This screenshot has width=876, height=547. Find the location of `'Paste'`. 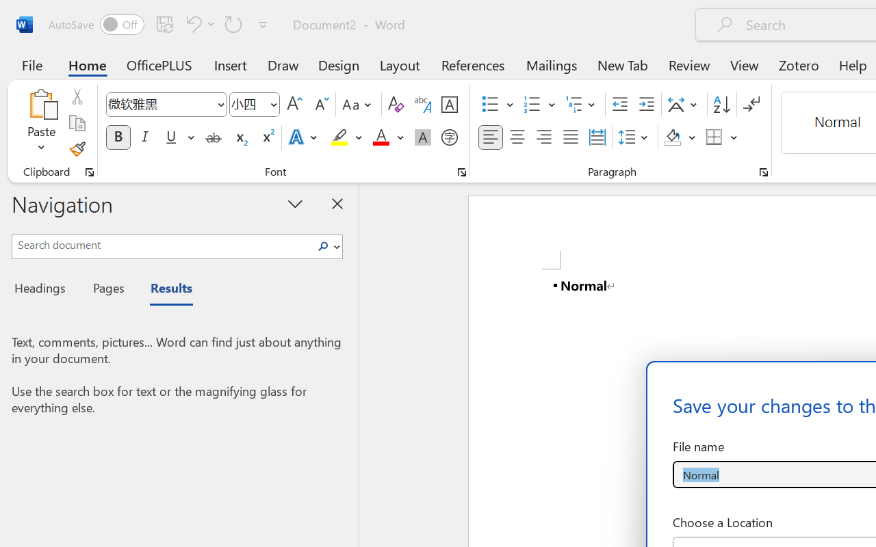

'Paste' is located at coordinates (41, 122).